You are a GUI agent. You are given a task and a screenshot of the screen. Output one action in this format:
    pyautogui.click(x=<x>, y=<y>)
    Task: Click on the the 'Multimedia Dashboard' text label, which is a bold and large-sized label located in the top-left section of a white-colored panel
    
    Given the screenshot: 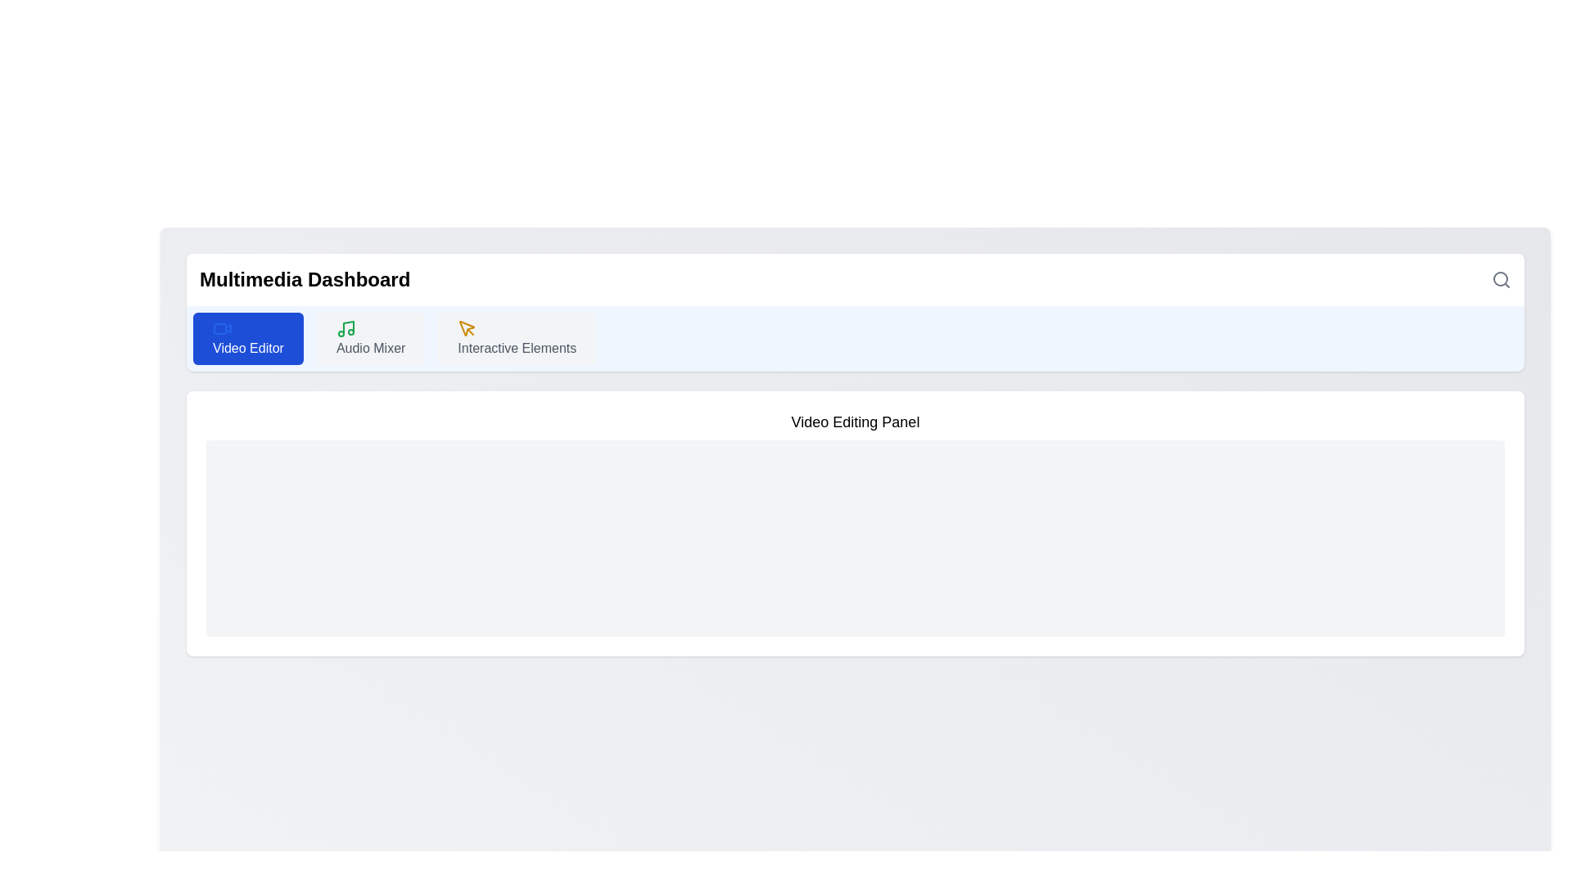 What is the action you would take?
    pyautogui.click(x=305, y=279)
    